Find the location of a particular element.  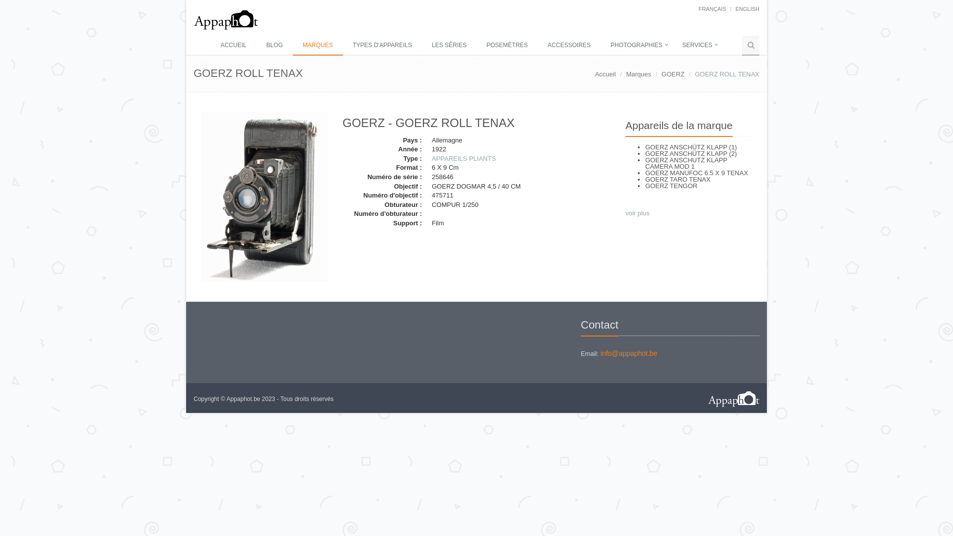

'info@appaphot.be' is located at coordinates (628, 353).